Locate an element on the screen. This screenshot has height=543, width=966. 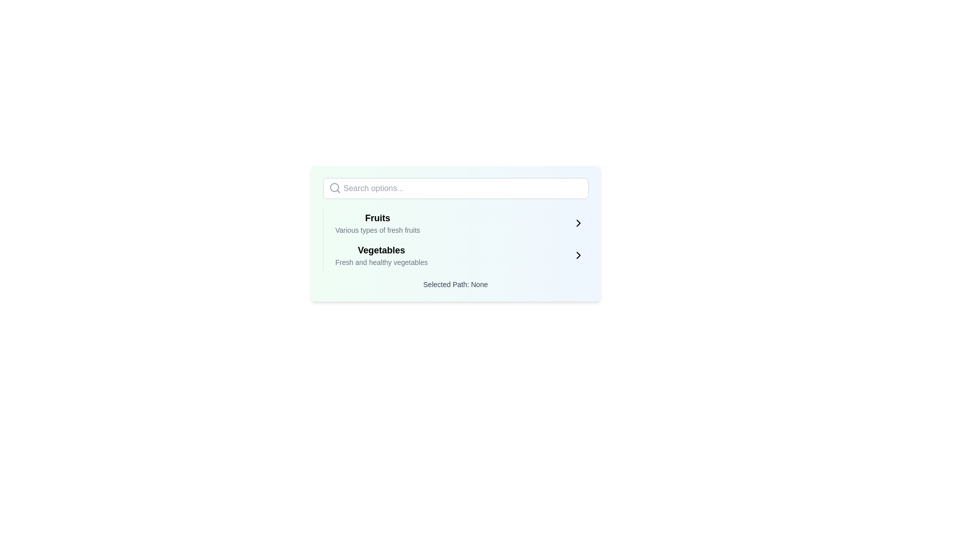
the text label or title that categorizes the content as 'Fruits', which is positioned at the top of the section and above the descriptive text is located at coordinates (377, 218).